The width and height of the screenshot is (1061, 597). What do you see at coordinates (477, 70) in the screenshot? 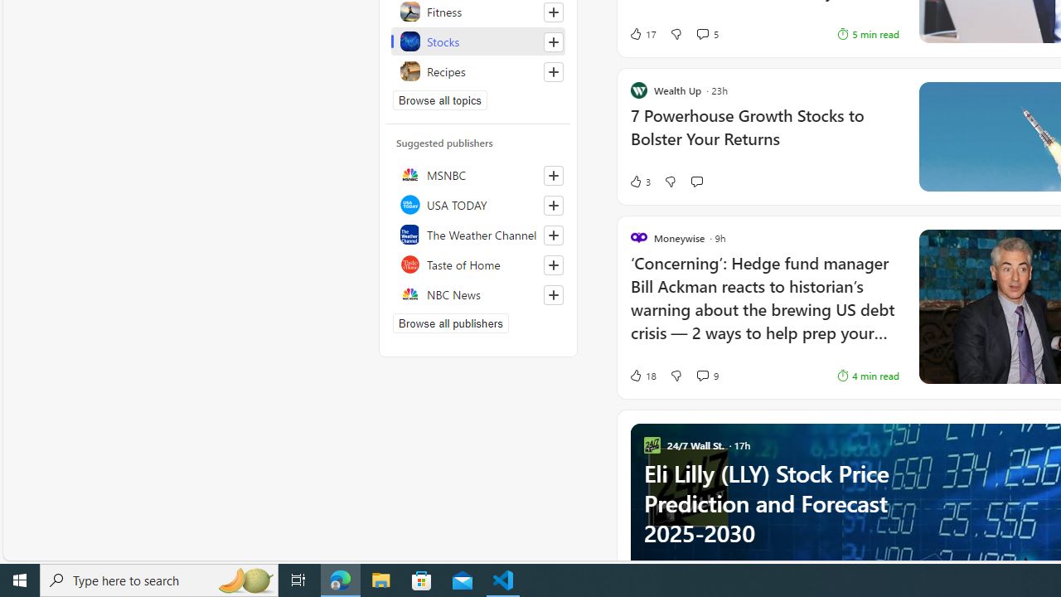
I see `'Recipes'` at bounding box center [477, 70].